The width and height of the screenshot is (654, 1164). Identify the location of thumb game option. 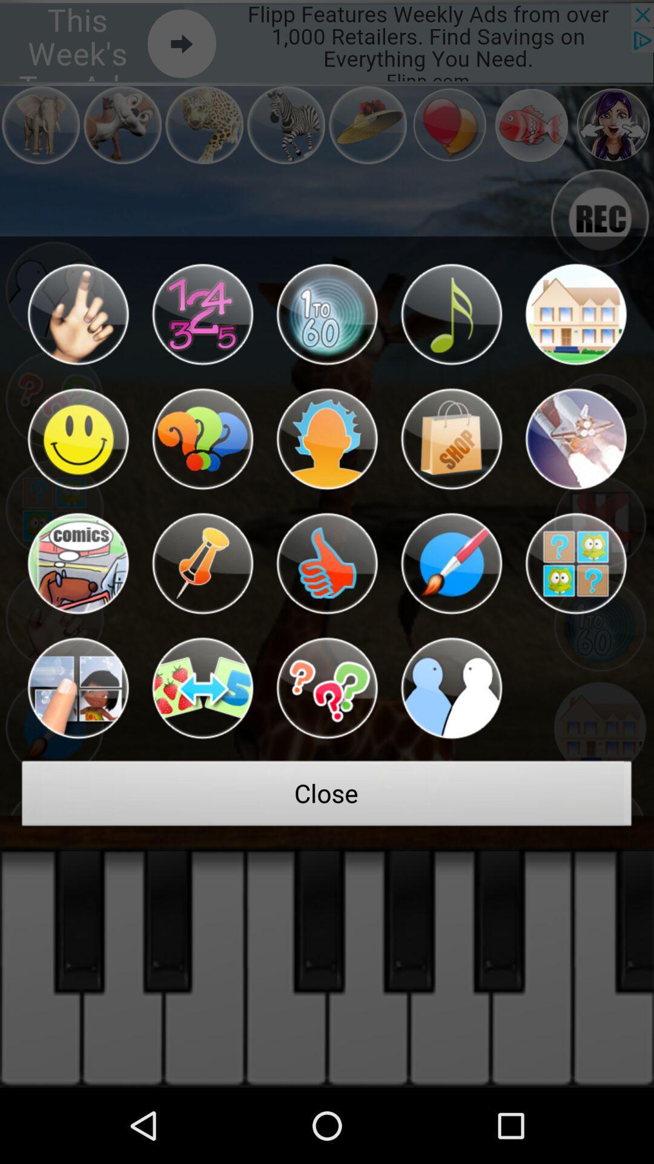
(327, 563).